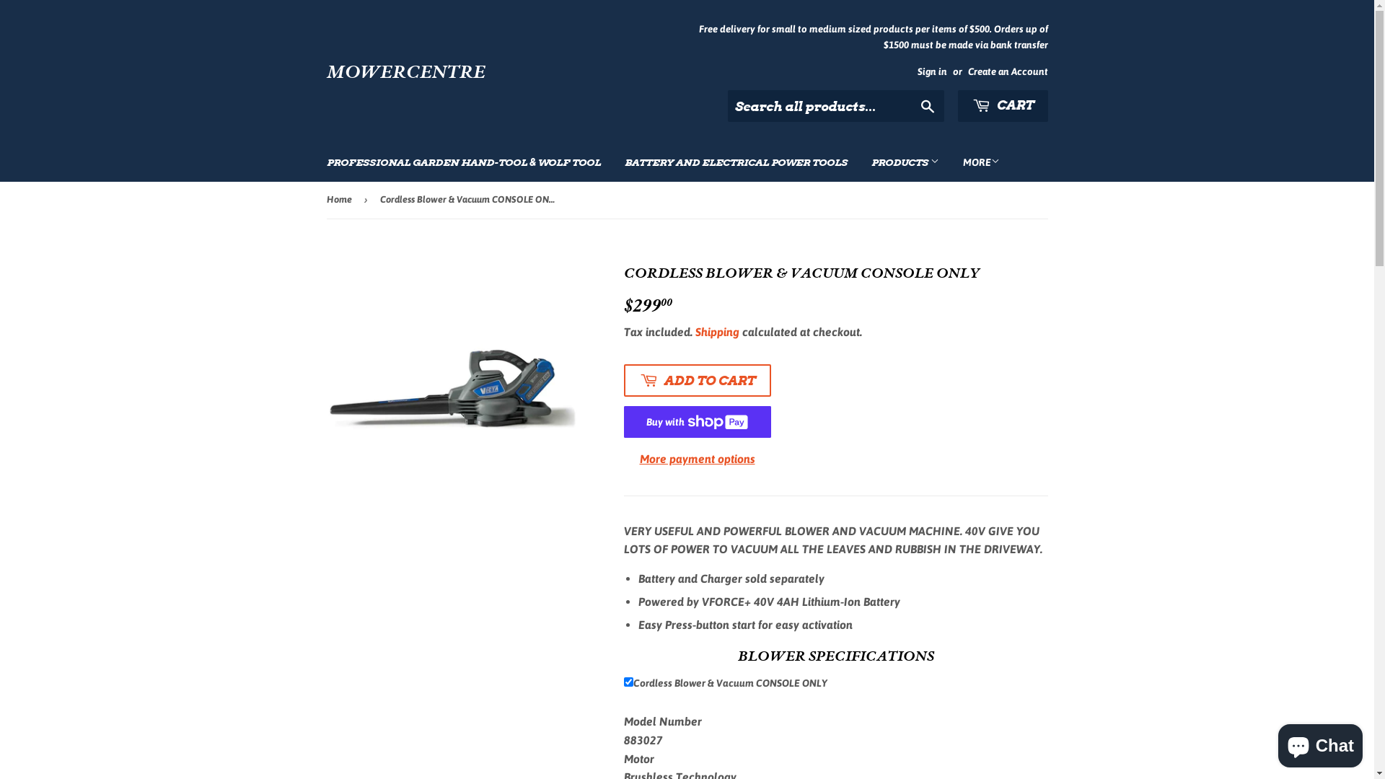  What do you see at coordinates (1320, 742) in the screenshot?
I see `'Shopify online store chat'` at bounding box center [1320, 742].